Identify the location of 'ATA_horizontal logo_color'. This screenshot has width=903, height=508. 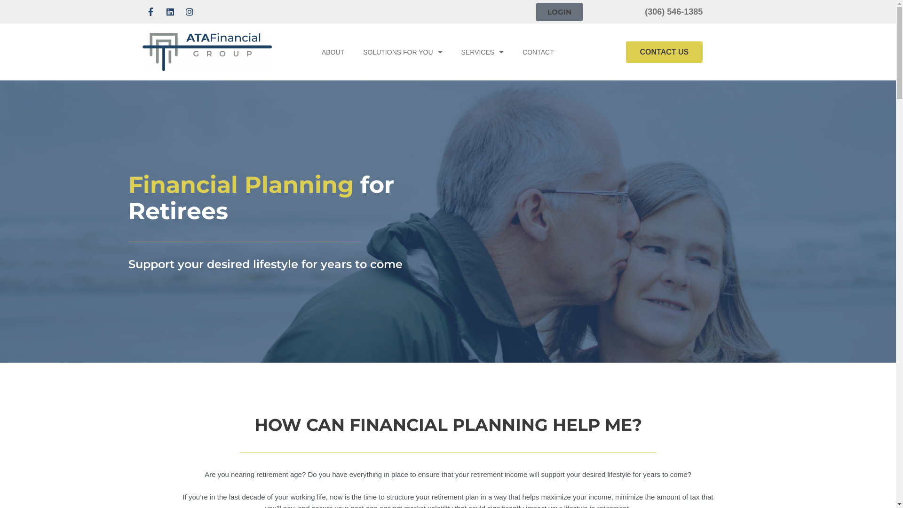
(206, 52).